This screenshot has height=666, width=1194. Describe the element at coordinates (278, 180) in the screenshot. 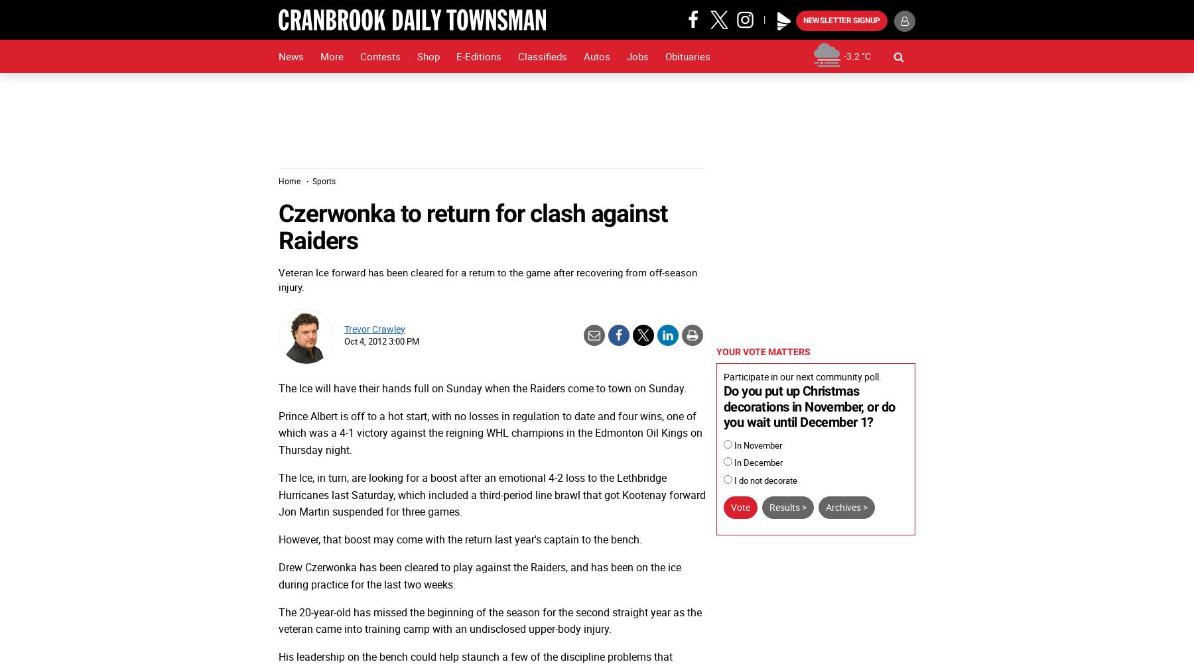

I see `'Home'` at that location.